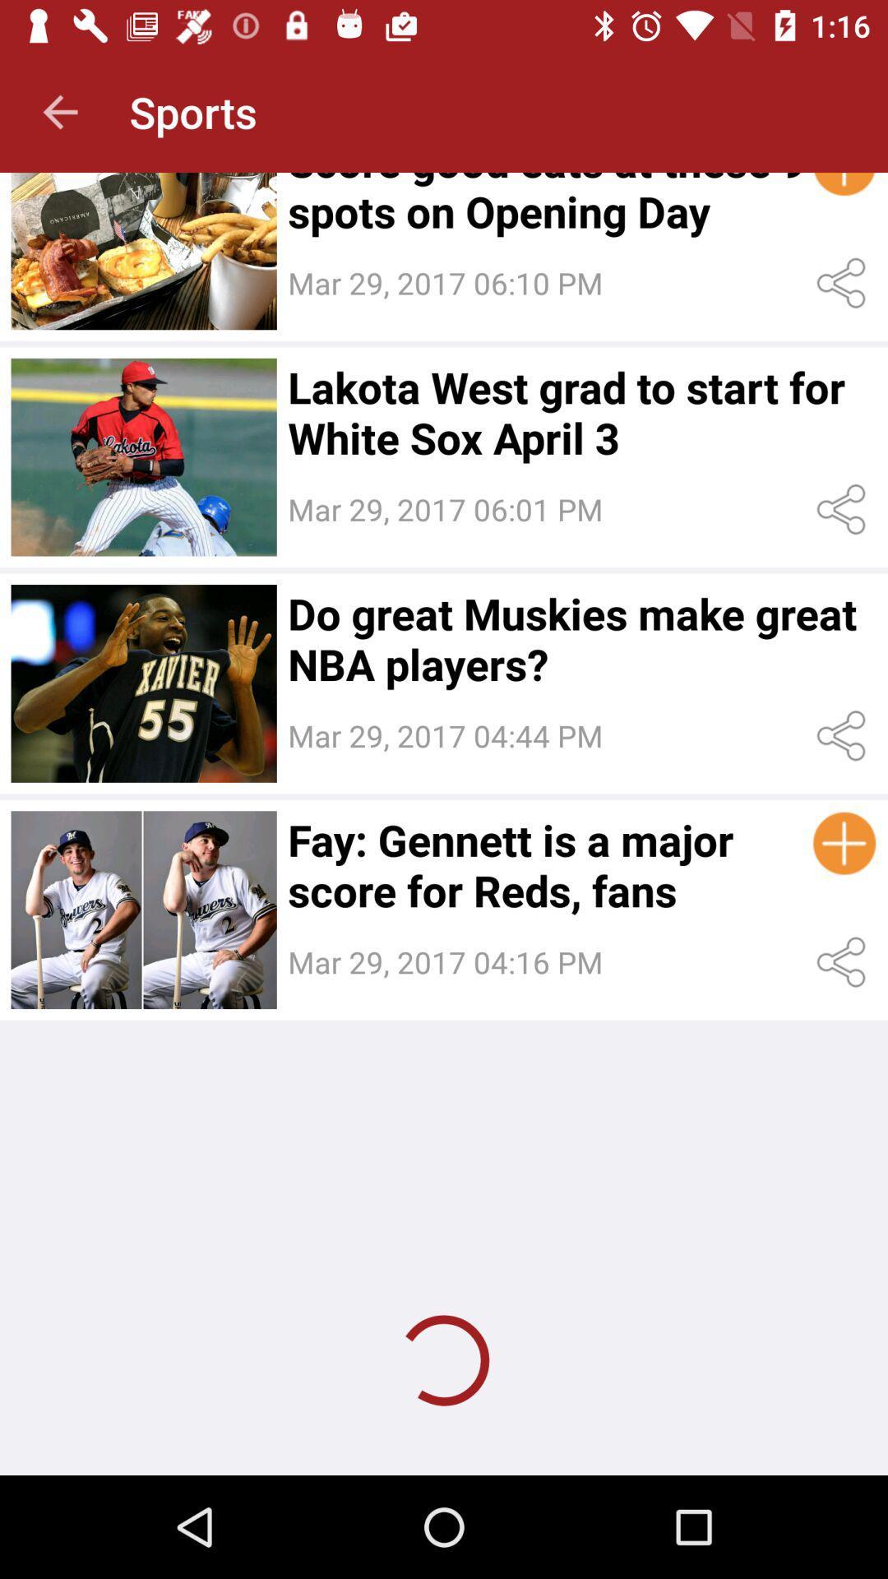 This screenshot has height=1579, width=888. What do you see at coordinates (844, 283) in the screenshot?
I see `share the article` at bounding box center [844, 283].